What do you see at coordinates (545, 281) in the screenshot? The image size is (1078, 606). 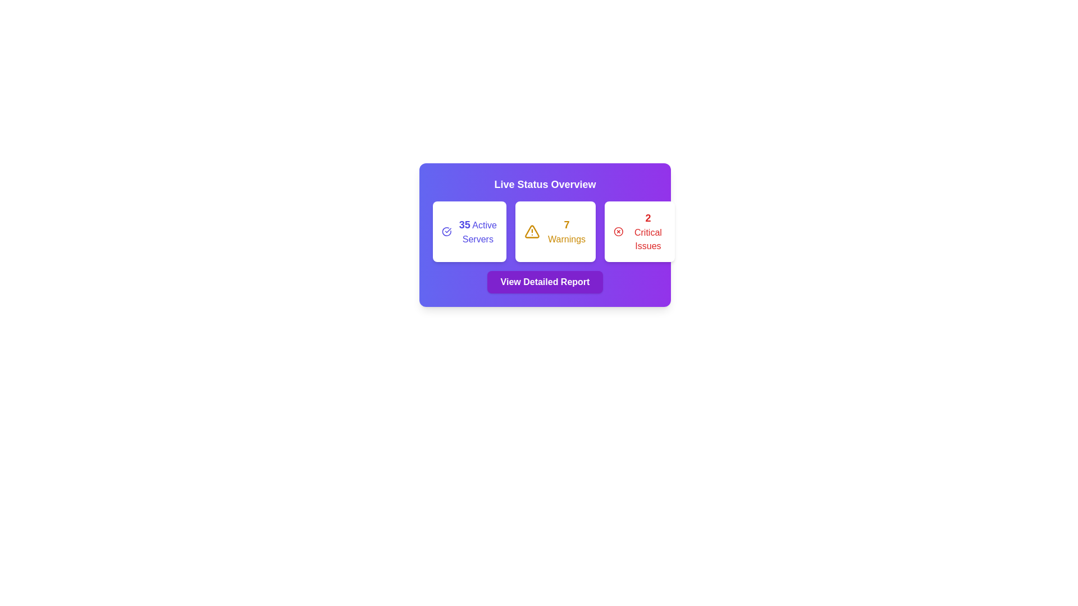 I see `the button located at the center-bottom of the server statistics card` at bounding box center [545, 281].